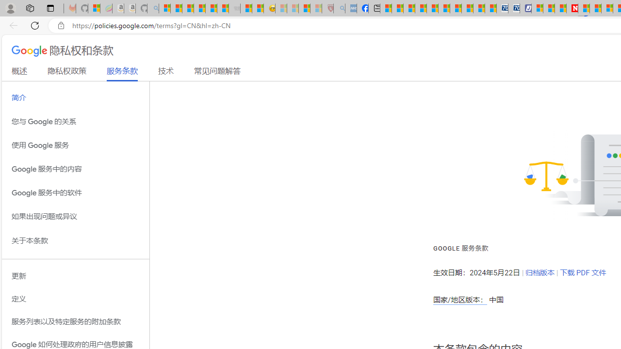 Image resolution: width=621 pixels, height=349 pixels. What do you see at coordinates (409, 8) in the screenshot?
I see `'World - MSN'` at bounding box center [409, 8].